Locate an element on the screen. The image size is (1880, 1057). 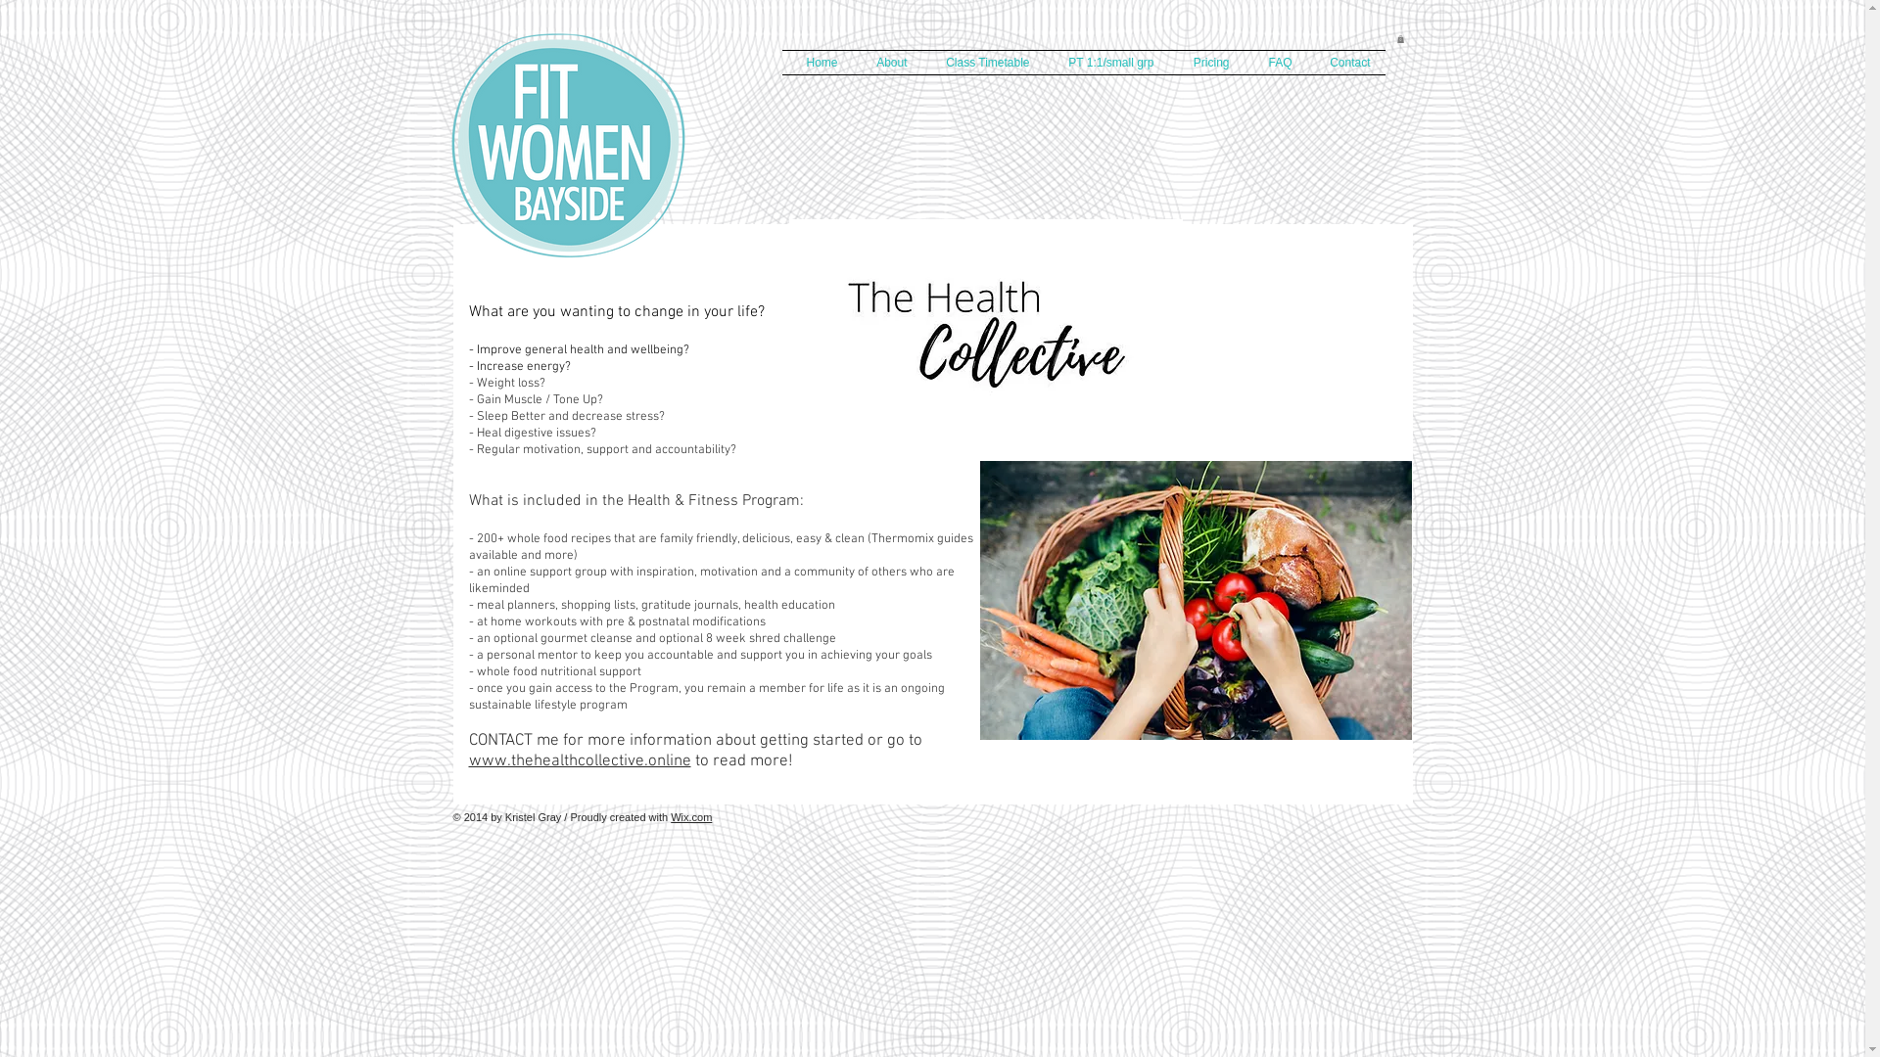
'Class Timetable' is located at coordinates (983, 62).